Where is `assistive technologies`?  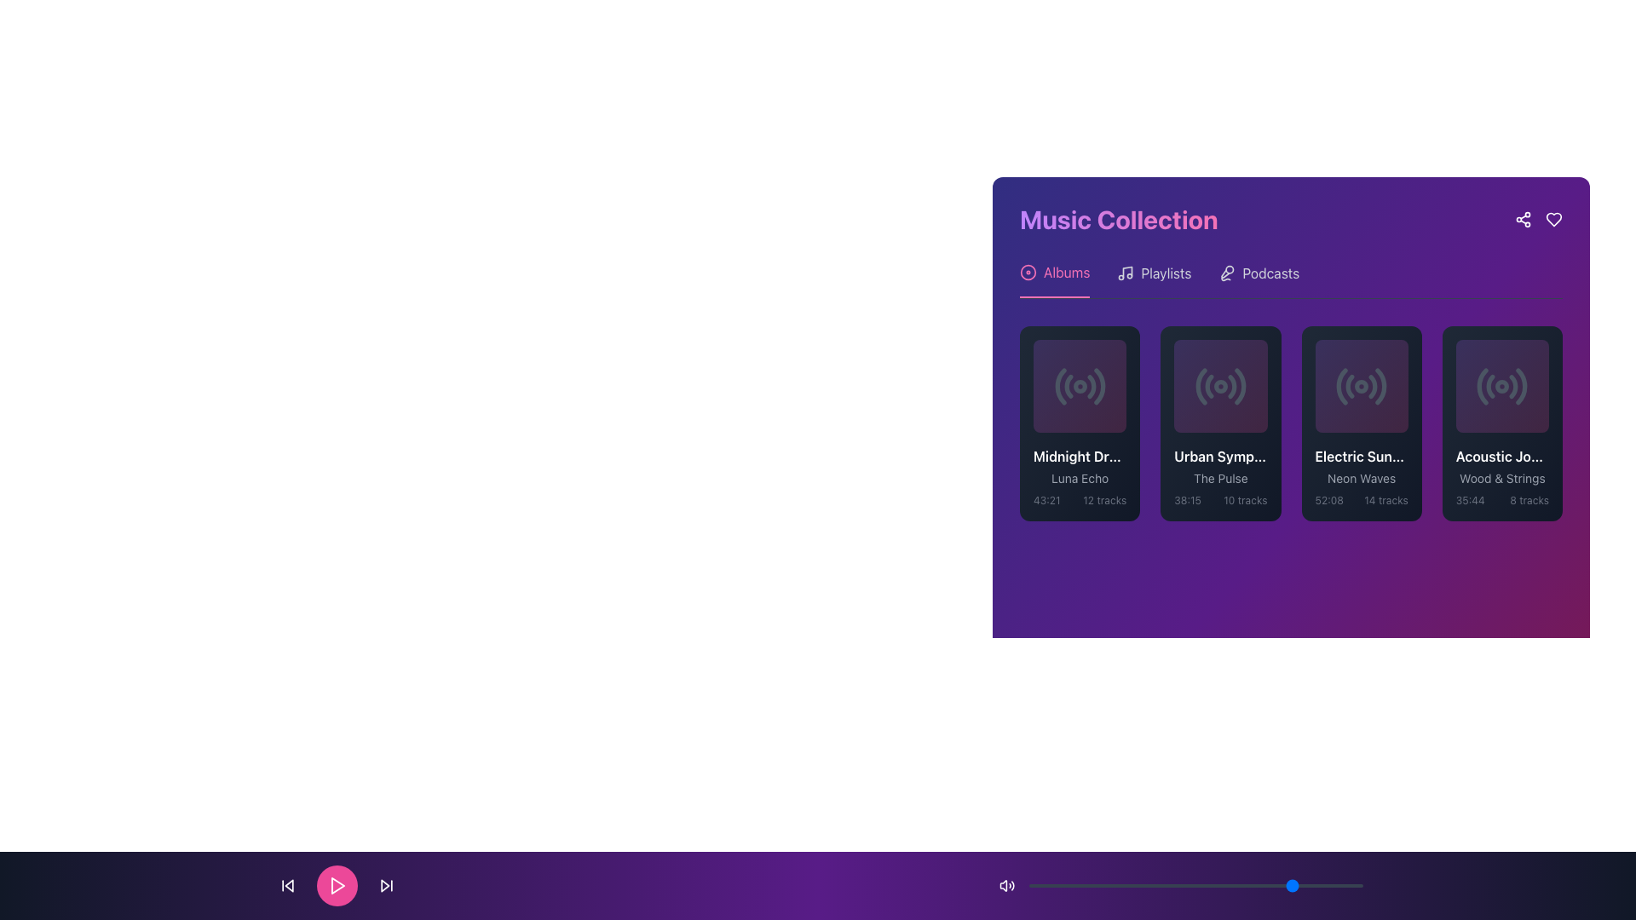
assistive technologies is located at coordinates (1361, 456).